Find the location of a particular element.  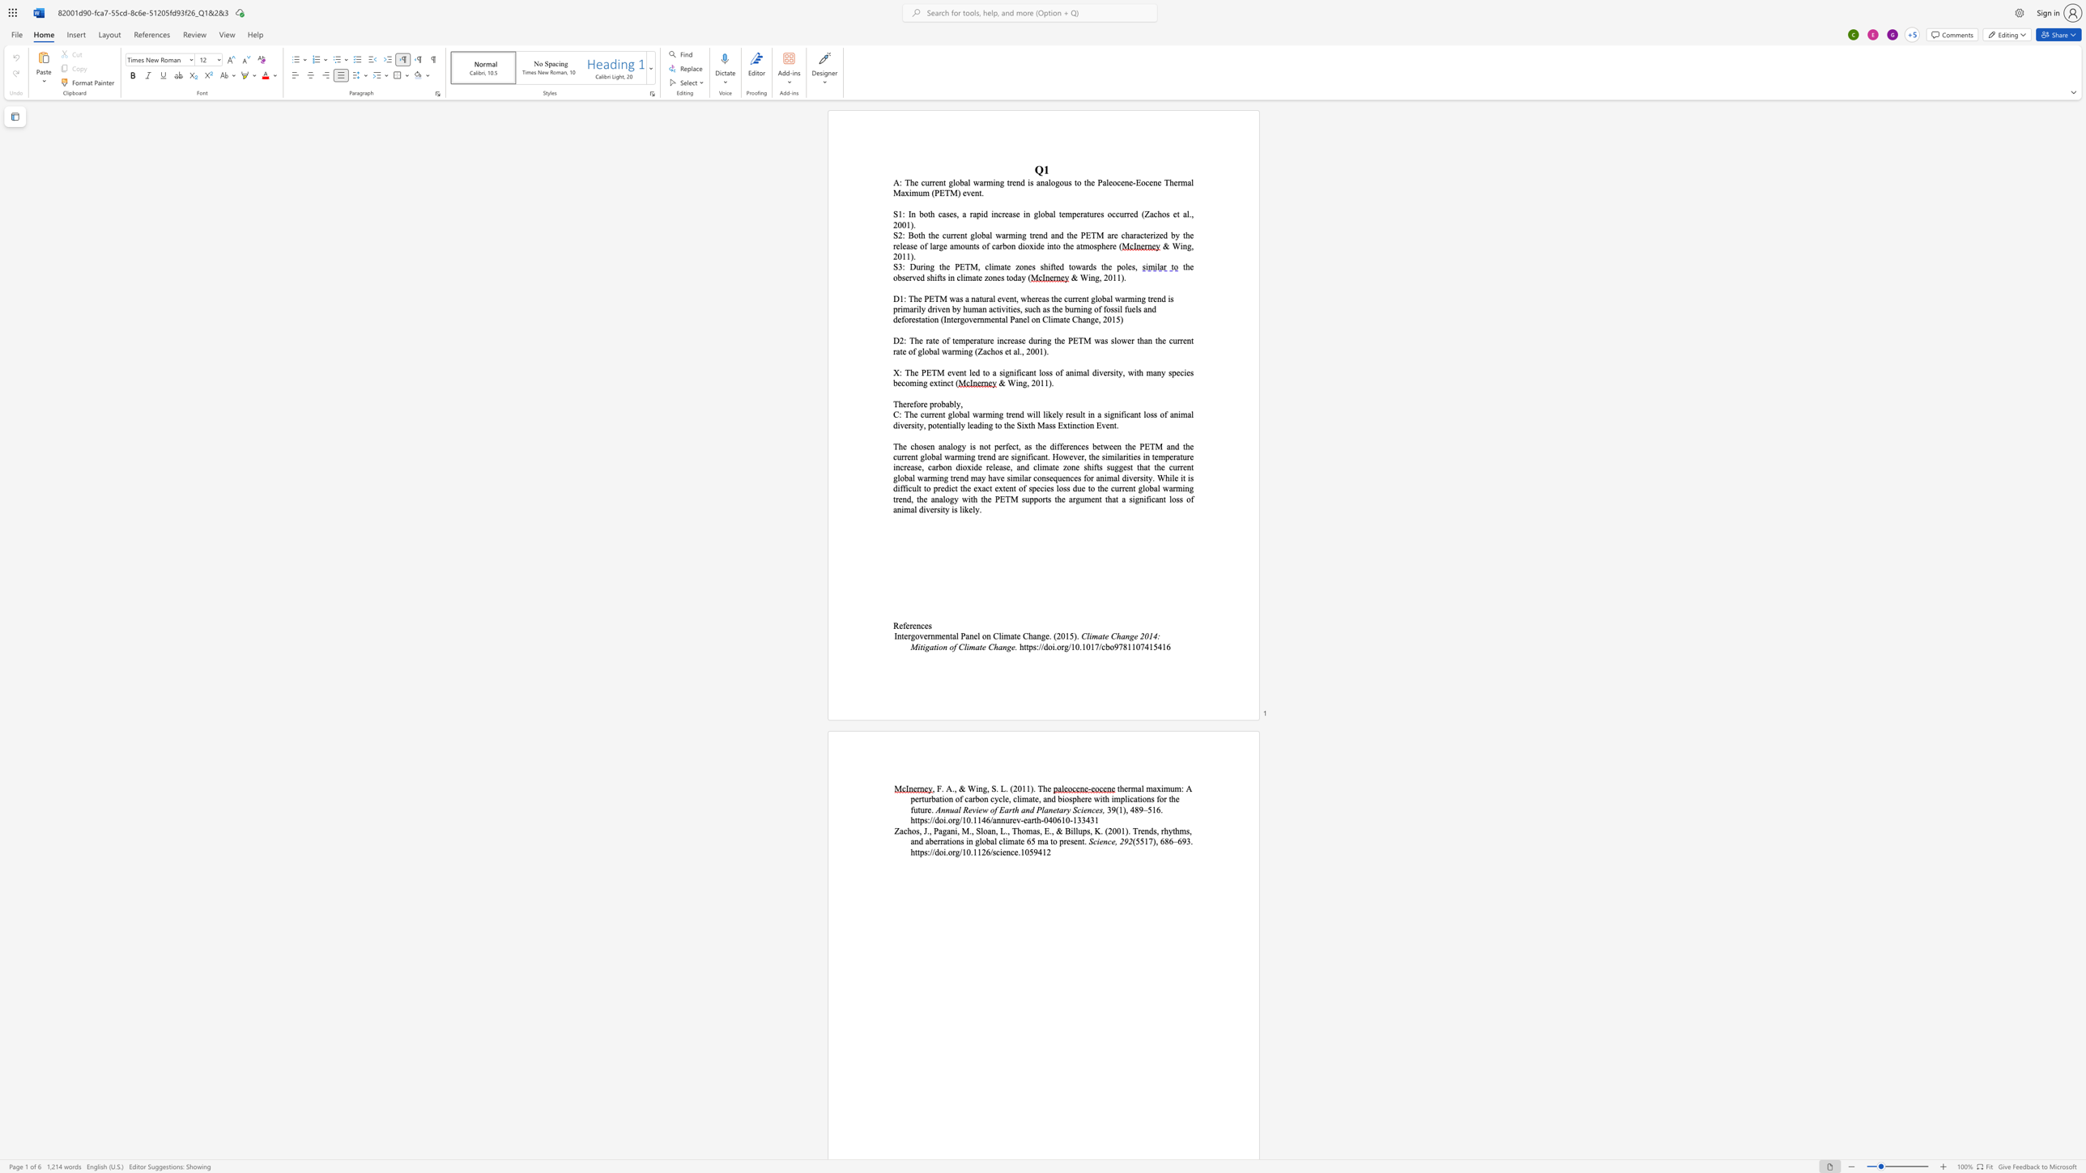

the 2th character "T" in the text is located at coordinates (936, 298).